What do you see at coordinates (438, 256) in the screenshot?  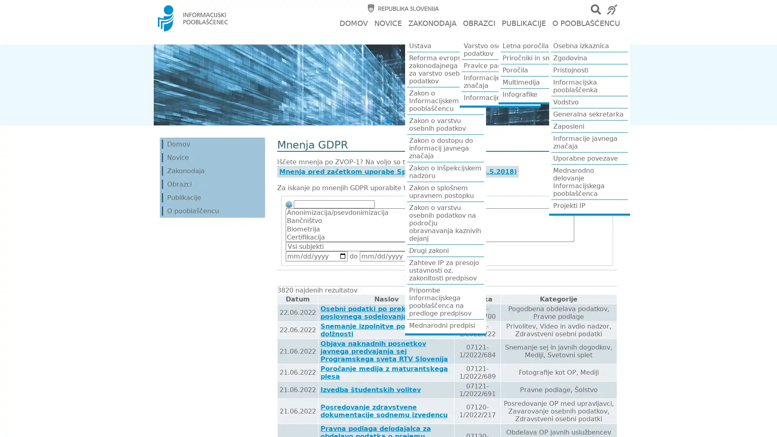 I see `Iskanje` at bounding box center [438, 256].